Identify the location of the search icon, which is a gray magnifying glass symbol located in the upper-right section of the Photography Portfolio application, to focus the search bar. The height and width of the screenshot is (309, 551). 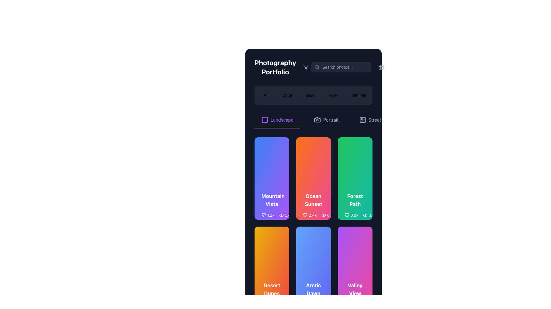
(317, 67).